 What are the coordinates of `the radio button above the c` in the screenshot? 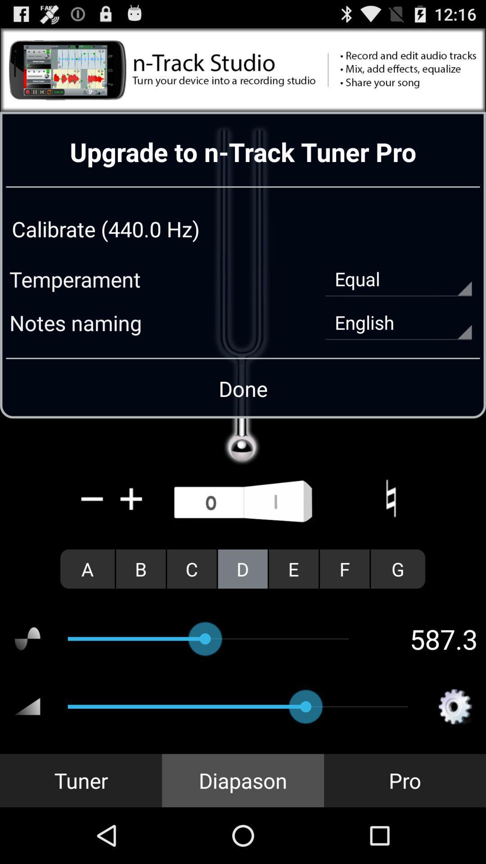 It's located at (243, 502).